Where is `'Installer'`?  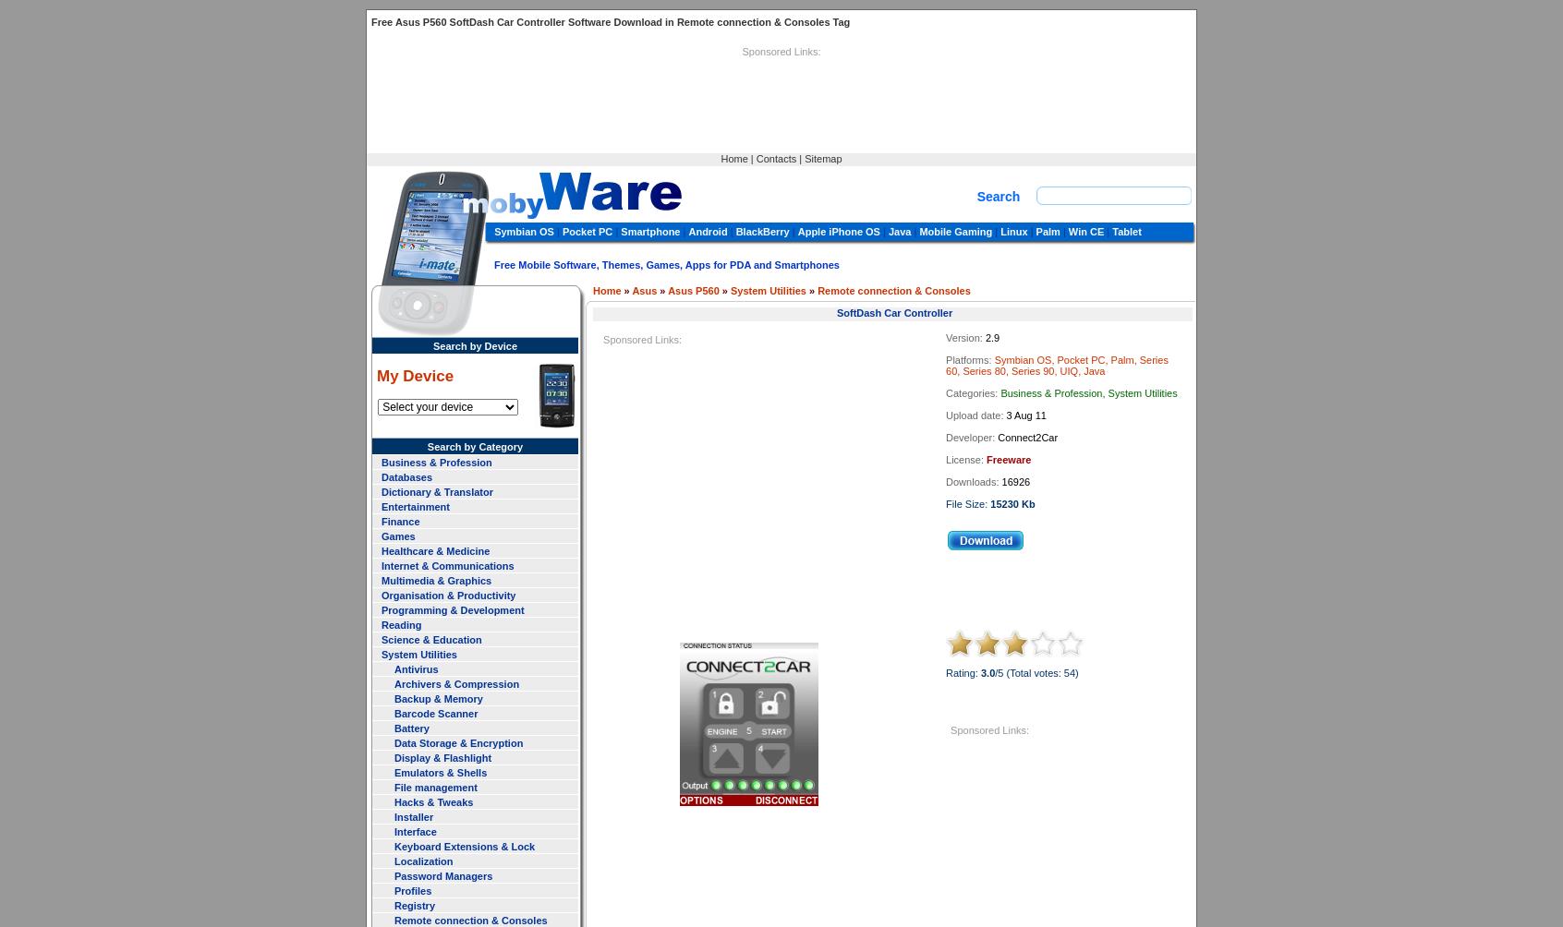 'Installer' is located at coordinates (413, 815).